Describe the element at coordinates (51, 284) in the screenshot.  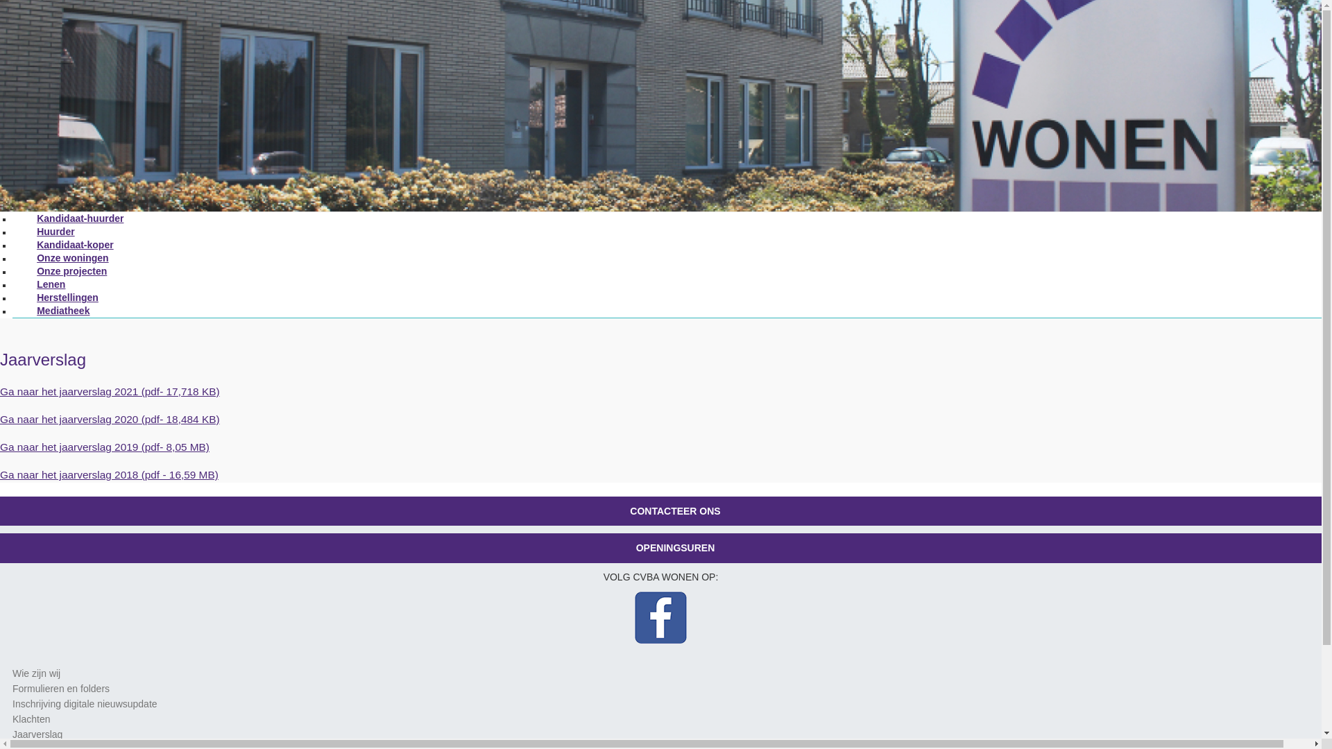
I see `'Lenen'` at that location.